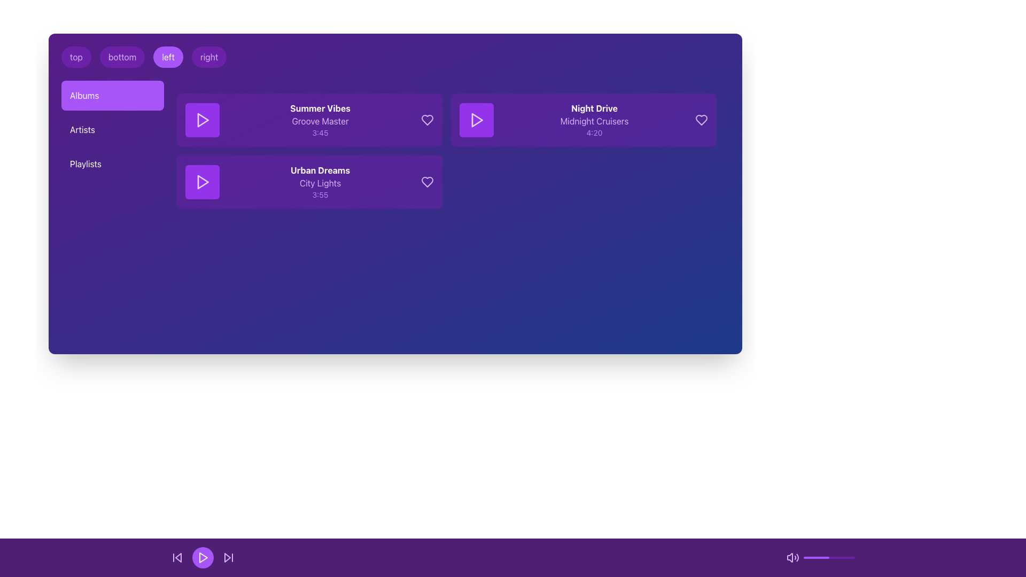 This screenshot has width=1026, height=577. I want to click on the 'Artists' button, which is the second button in a vertical list, so click(113, 129).